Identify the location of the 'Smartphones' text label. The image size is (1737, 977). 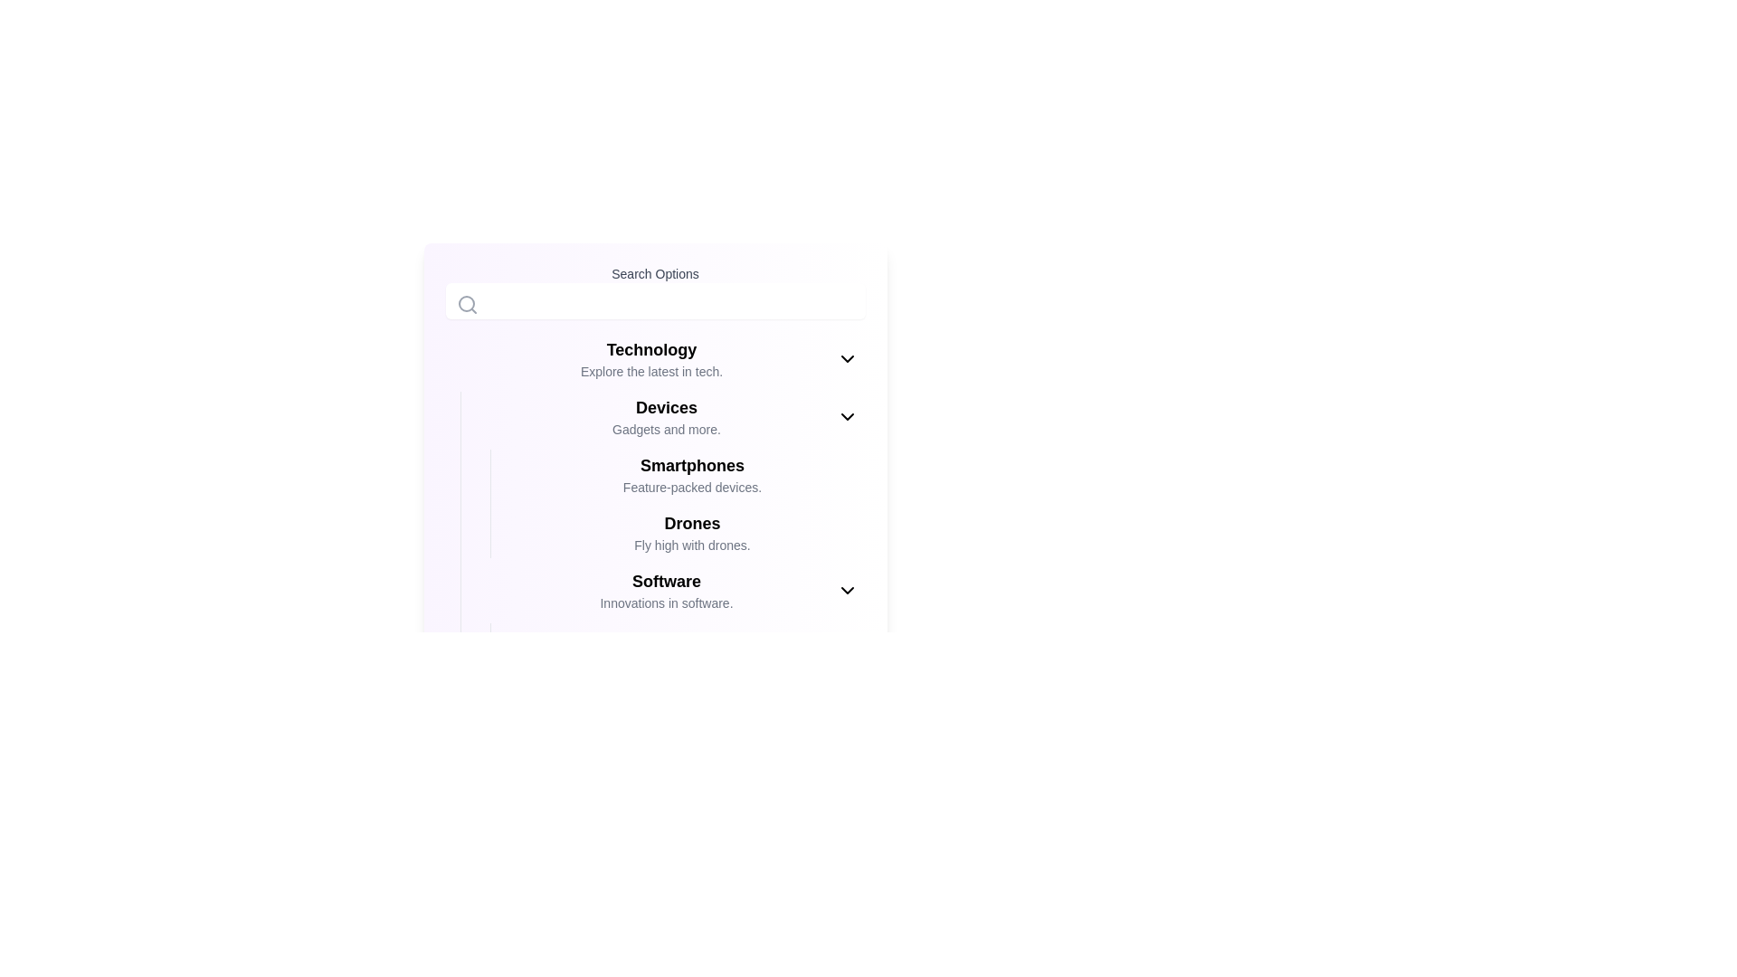
(691, 465).